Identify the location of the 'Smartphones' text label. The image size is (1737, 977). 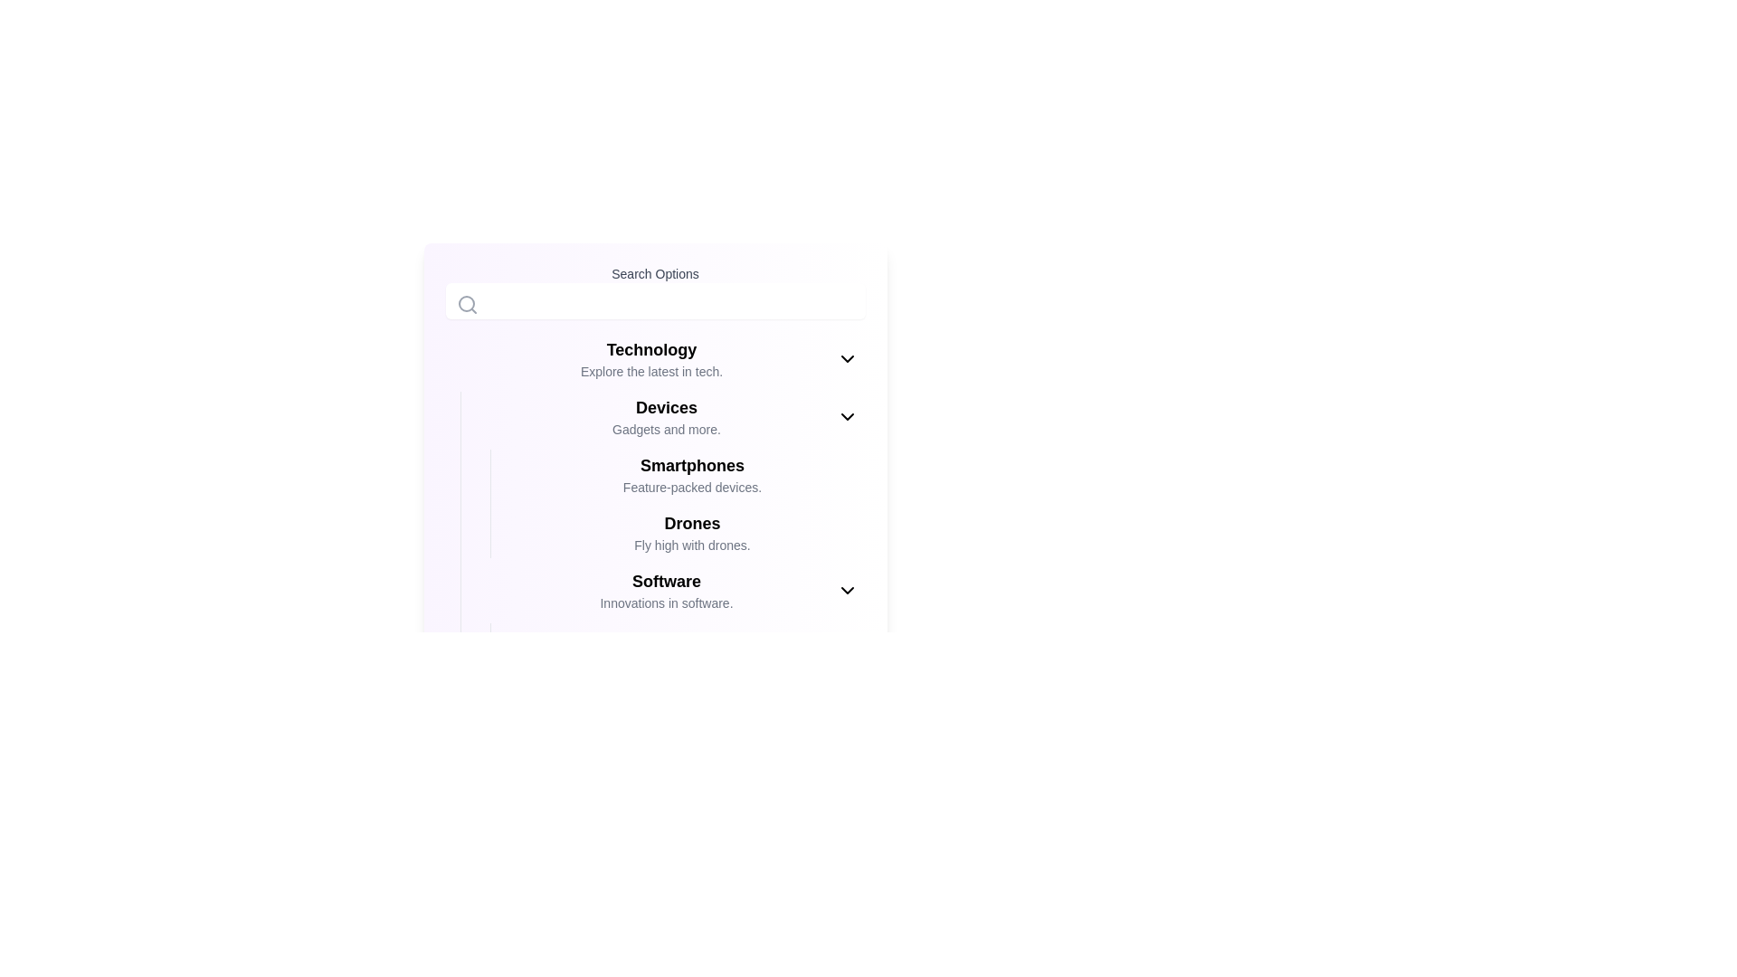
(691, 465).